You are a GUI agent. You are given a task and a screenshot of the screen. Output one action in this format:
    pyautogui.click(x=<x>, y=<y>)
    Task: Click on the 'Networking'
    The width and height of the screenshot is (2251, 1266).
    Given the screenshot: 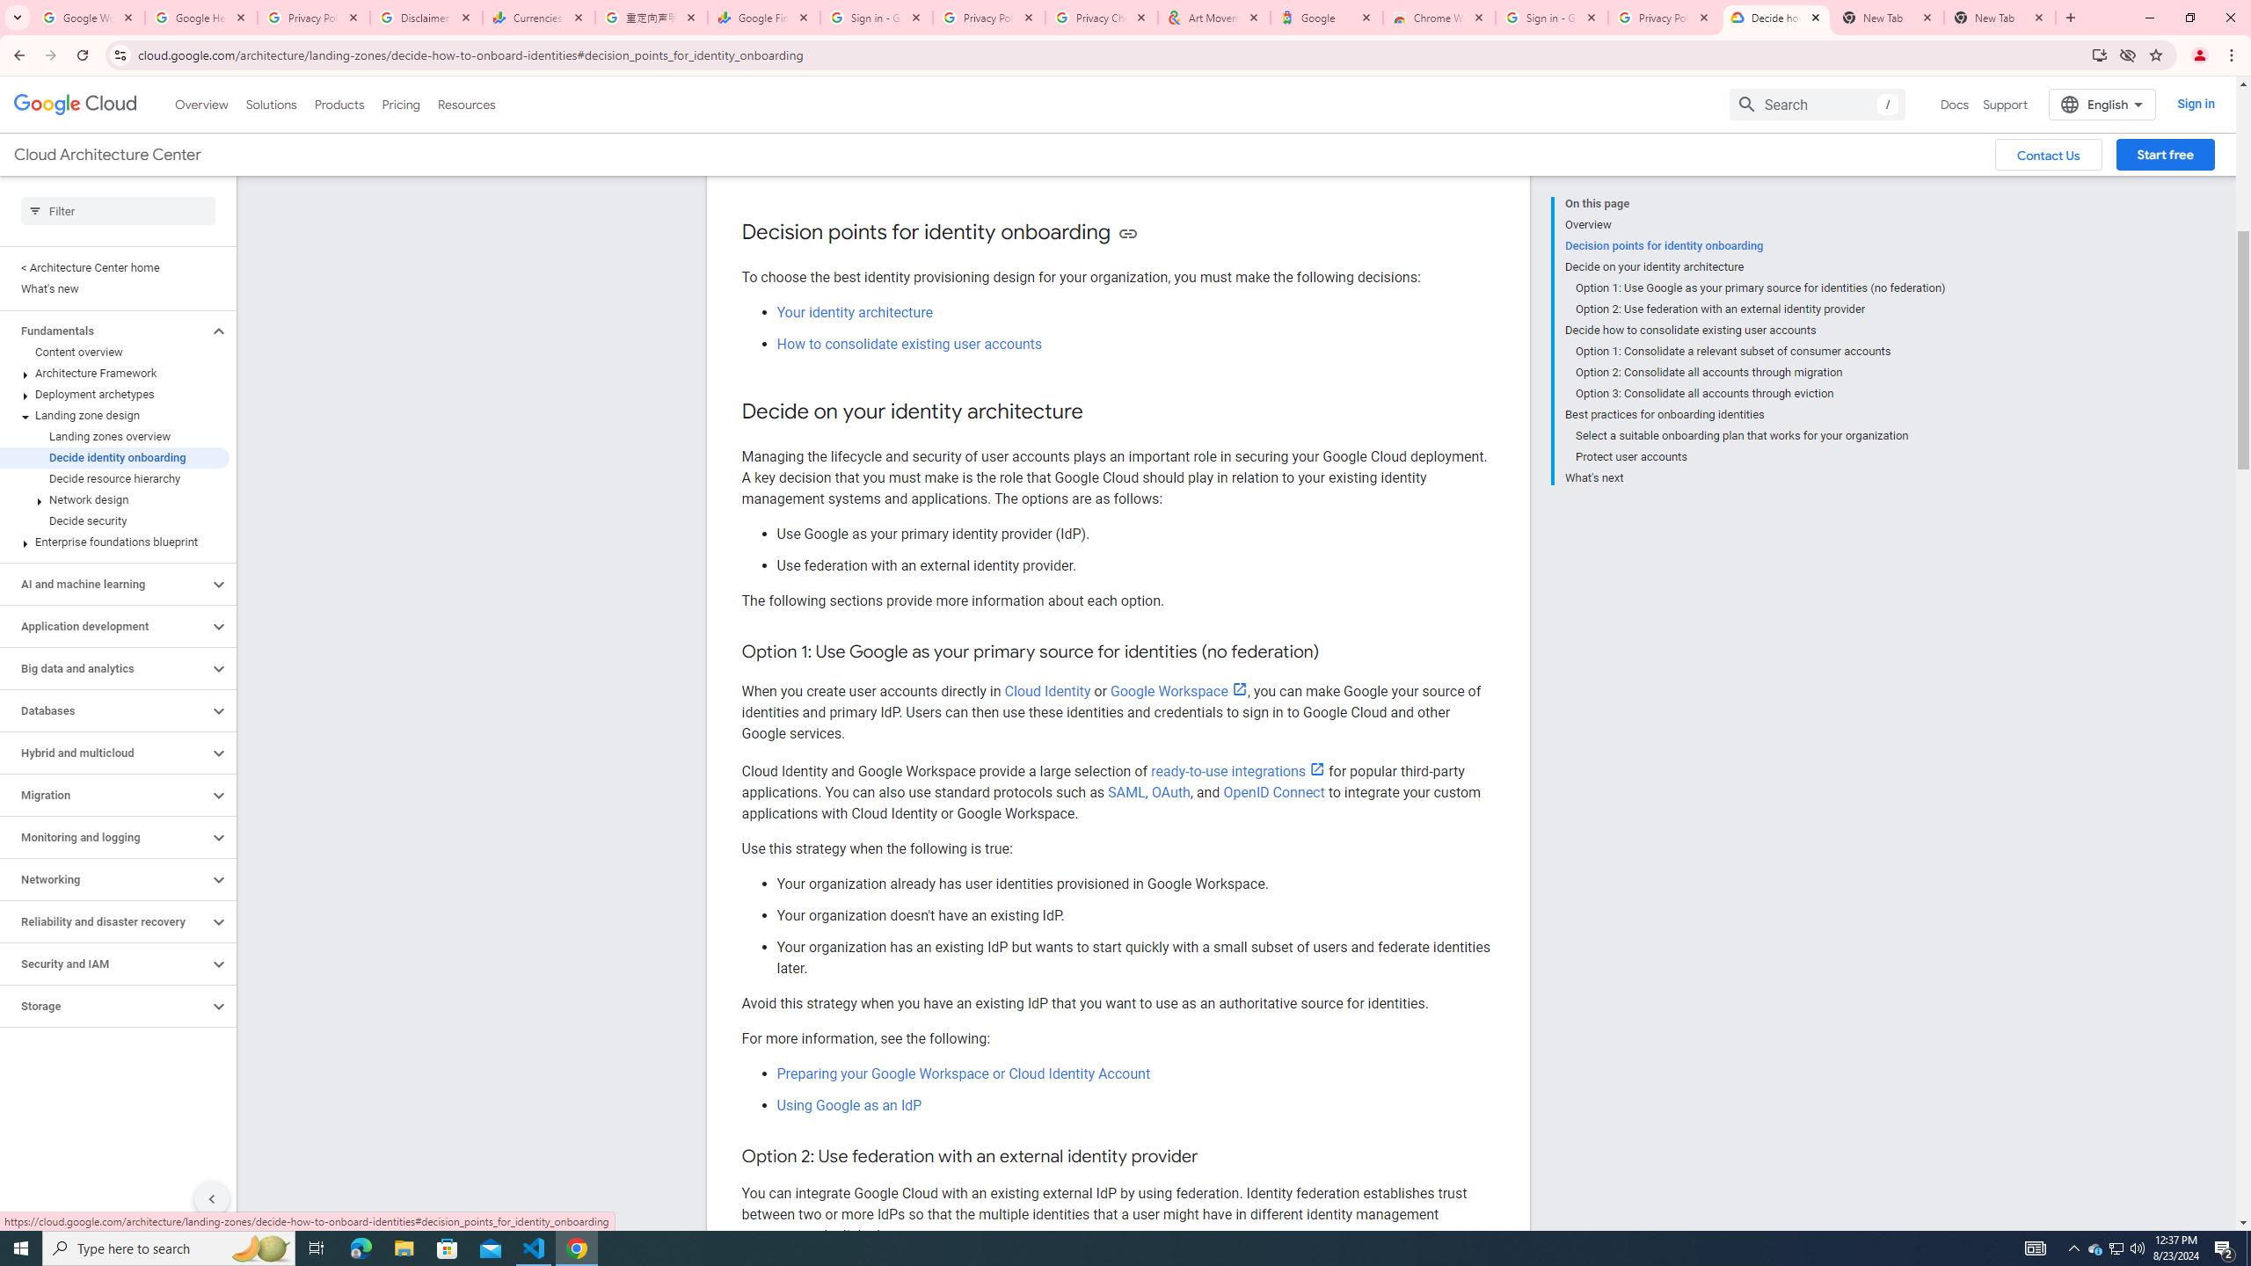 What is the action you would take?
    pyautogui.click(x=104, y=878)
    